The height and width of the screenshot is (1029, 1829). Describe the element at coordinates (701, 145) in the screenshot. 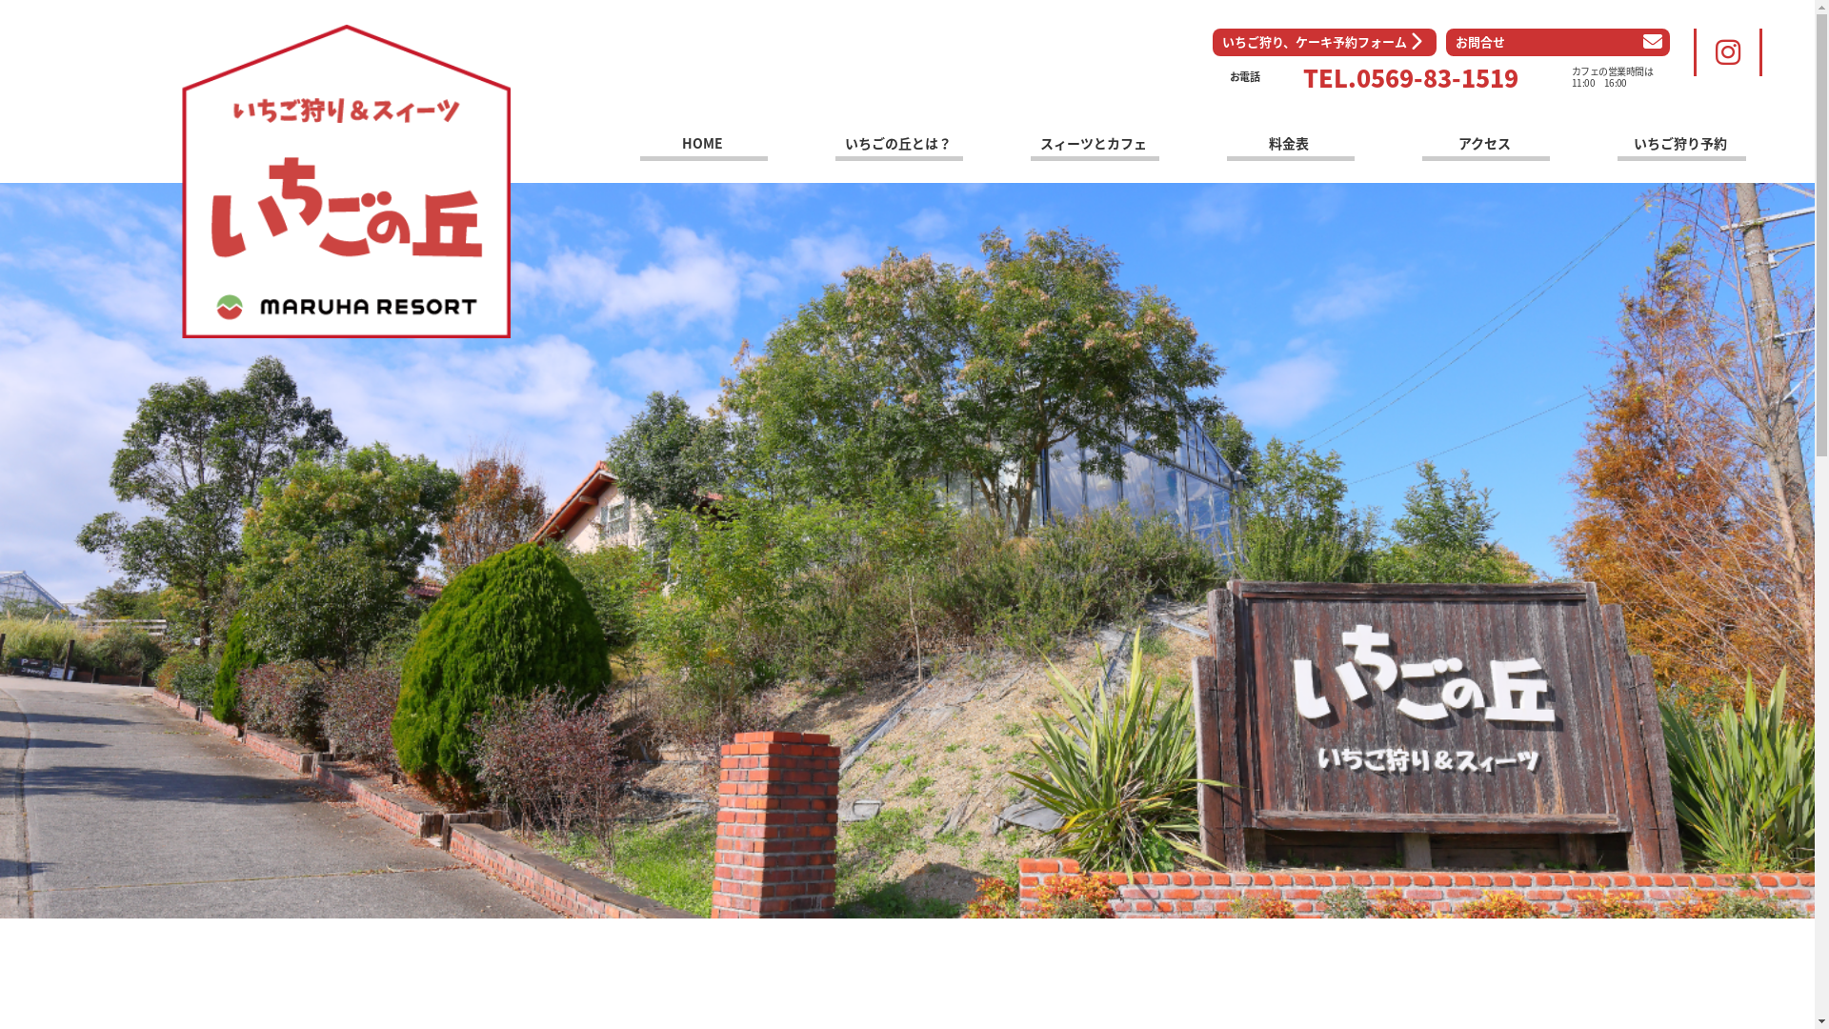

I see `'HOME'` at that location.